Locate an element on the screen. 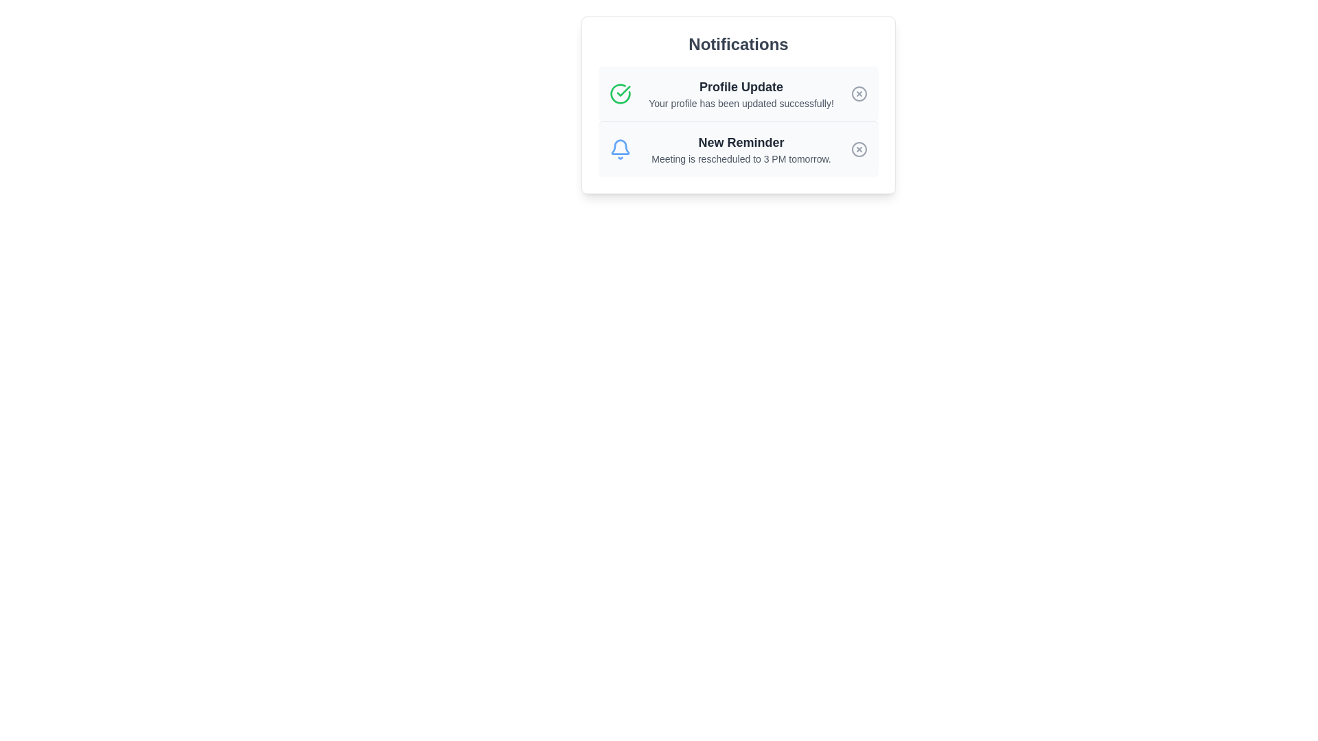 This screenshot has width=1318, height=741. the small green checkmark icon, part of the notification item indicating completion, located to the left of the 'Profile Update' text is located at coordinates (623, 91).